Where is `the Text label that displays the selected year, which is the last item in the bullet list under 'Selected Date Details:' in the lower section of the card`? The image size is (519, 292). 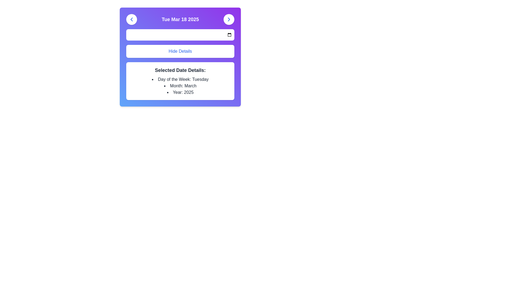 the Text label that displays the selected year, which is the last item in the bullet list under 'Selected Date Details:' in the lower section of the card is located at coordinates (180, 92).